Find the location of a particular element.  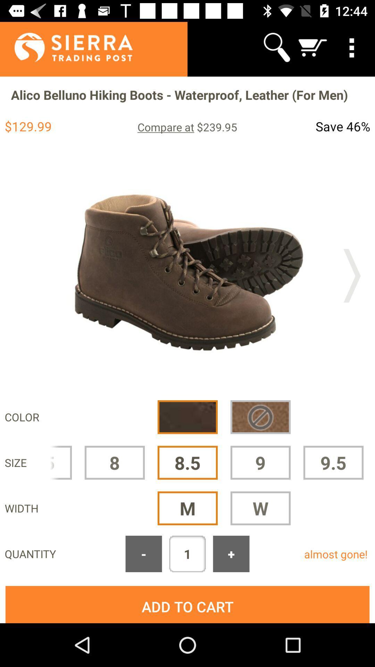

the app below alico belluno hiking item is located at coordinates (187, 127).